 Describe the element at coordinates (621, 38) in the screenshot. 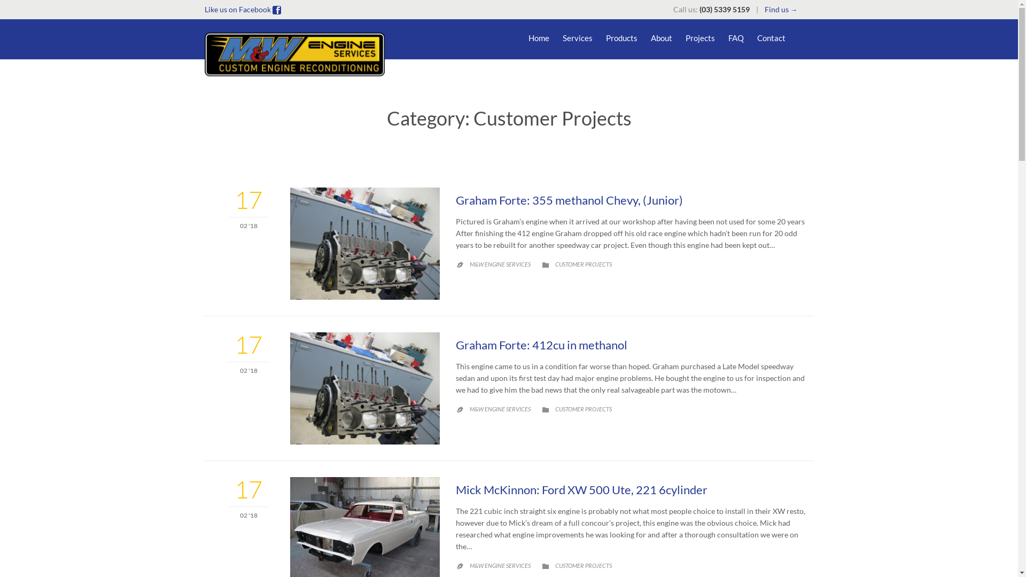

I see `'Products'` at that location.